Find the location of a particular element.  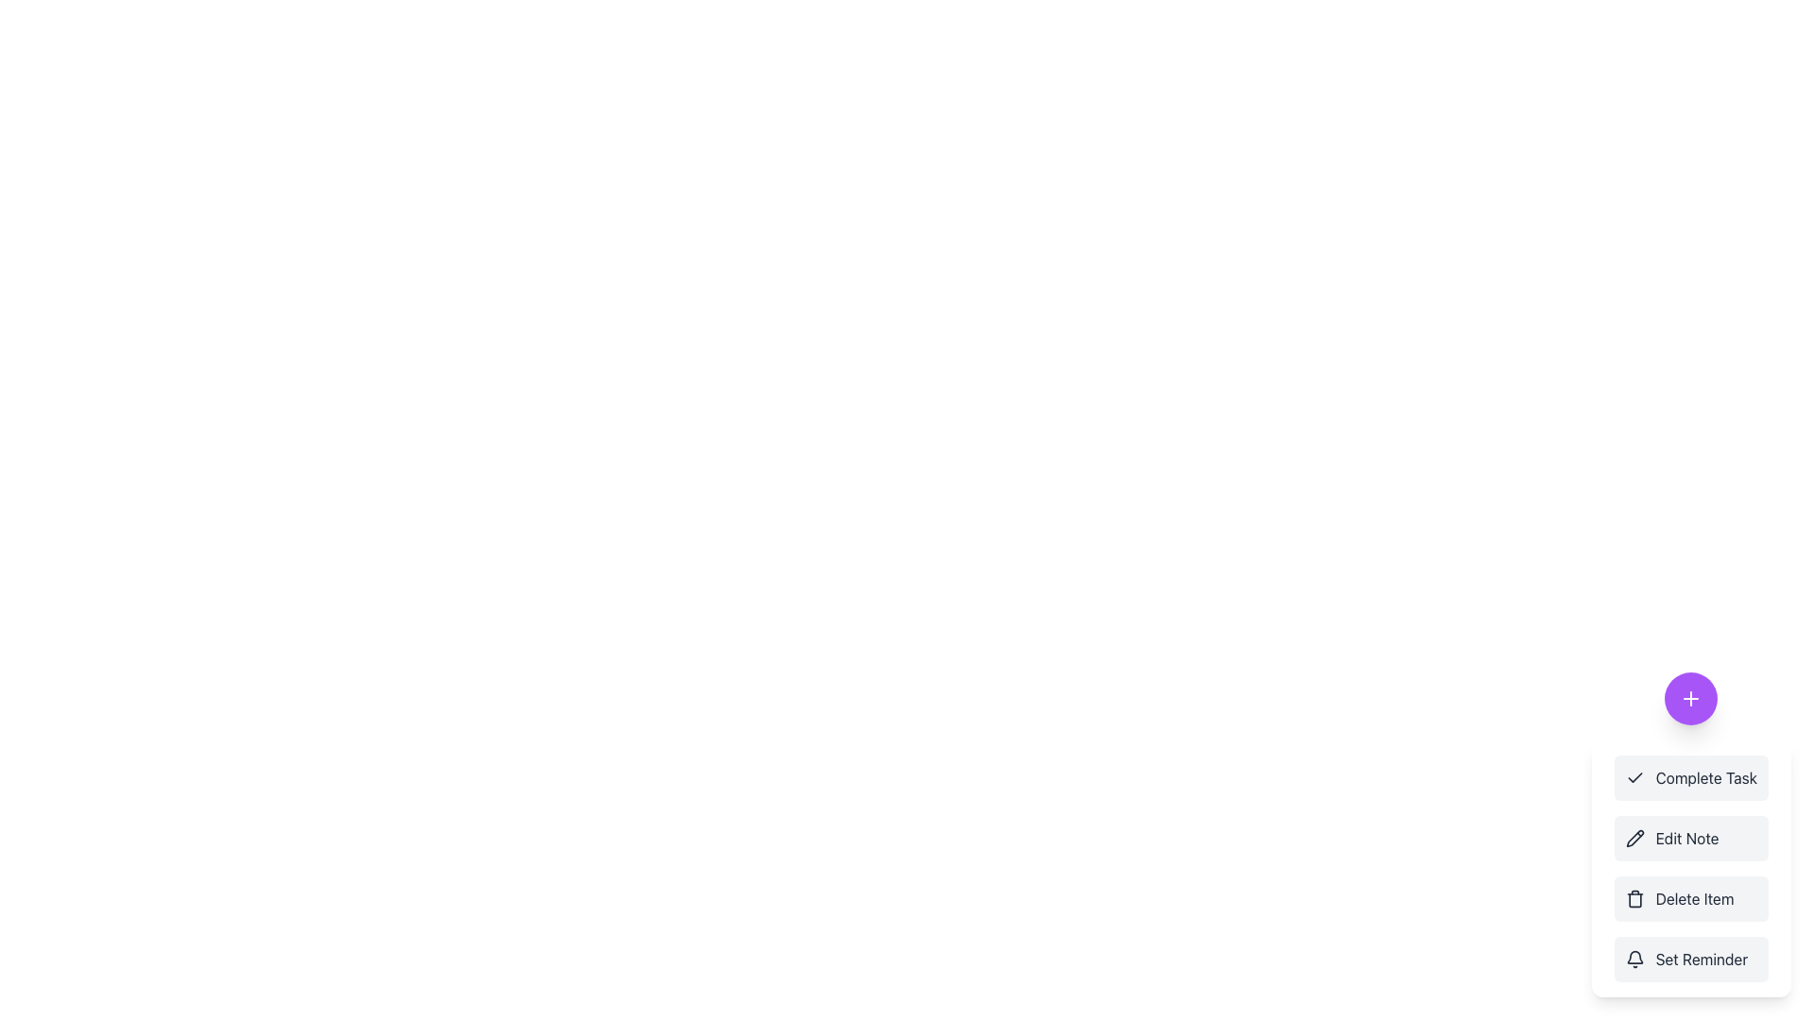

the check mark icon located is located at coordinates (1634, 777).